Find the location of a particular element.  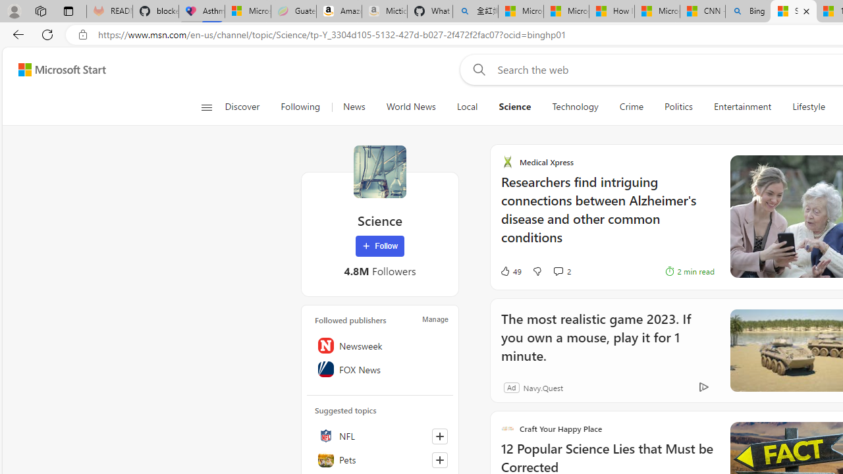

'Bing' is located at coordinates (748, 11).